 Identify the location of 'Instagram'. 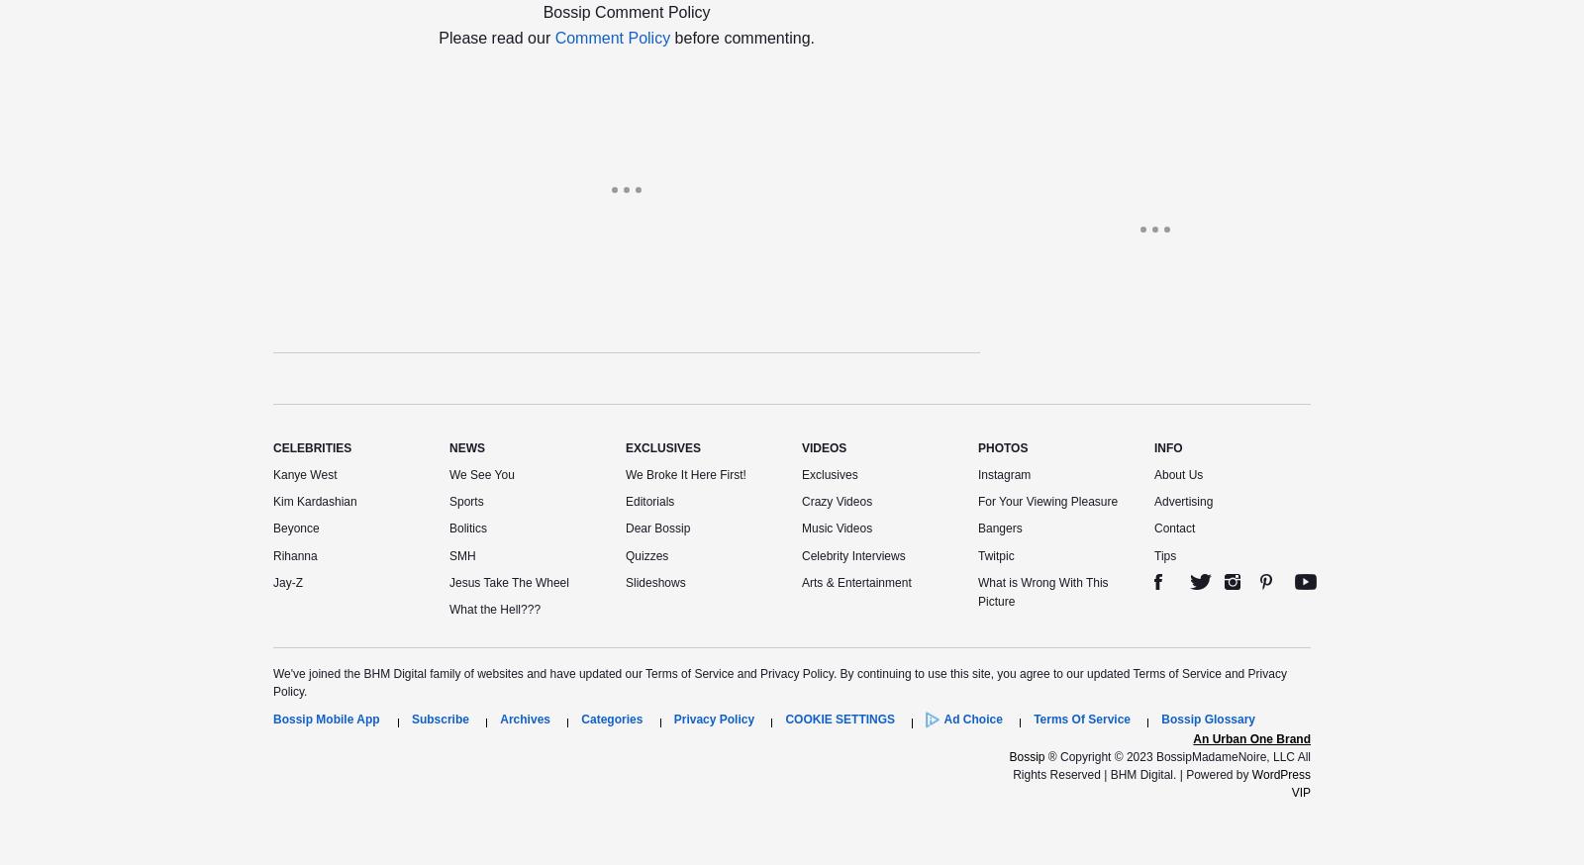
(977, 474).